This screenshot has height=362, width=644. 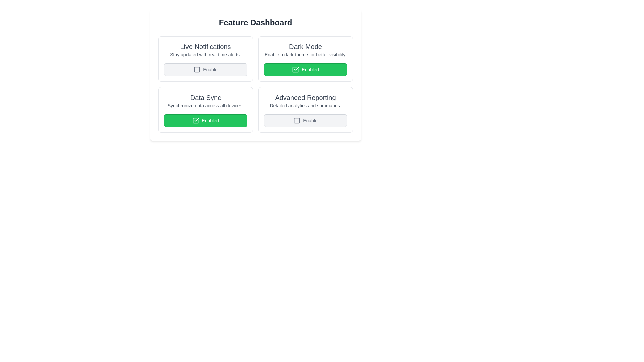 What do you see at coordinates (205, 106) in the screenshot?
I see `the text label that displays 'Synchronize data across all devices.' which is positioned beneath the title 'Data Sync'` at bounding box center [205, 106].